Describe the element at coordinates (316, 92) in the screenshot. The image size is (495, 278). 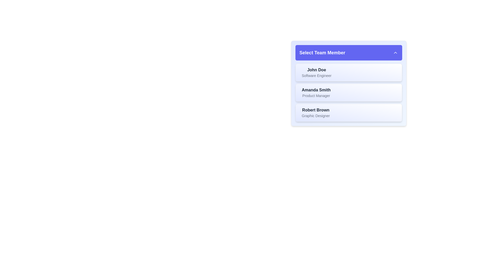
I see `the Text Display element that shows the name and role of the second team member in the list, located below 'John Doe' and above 'Robert Brown'` at that location.